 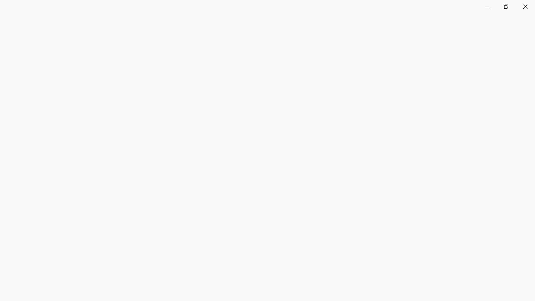 What do you see at coordinates (487, 6) in the screenshot?
I see `'Minimize Clock'` at bounding box center [487, 6].